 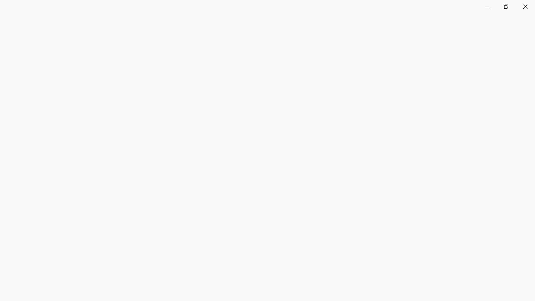 What do you see at coordinates (487, 6) in the screenshot?
I see `'Minimize Clock'` at bounding box center [487, 6].